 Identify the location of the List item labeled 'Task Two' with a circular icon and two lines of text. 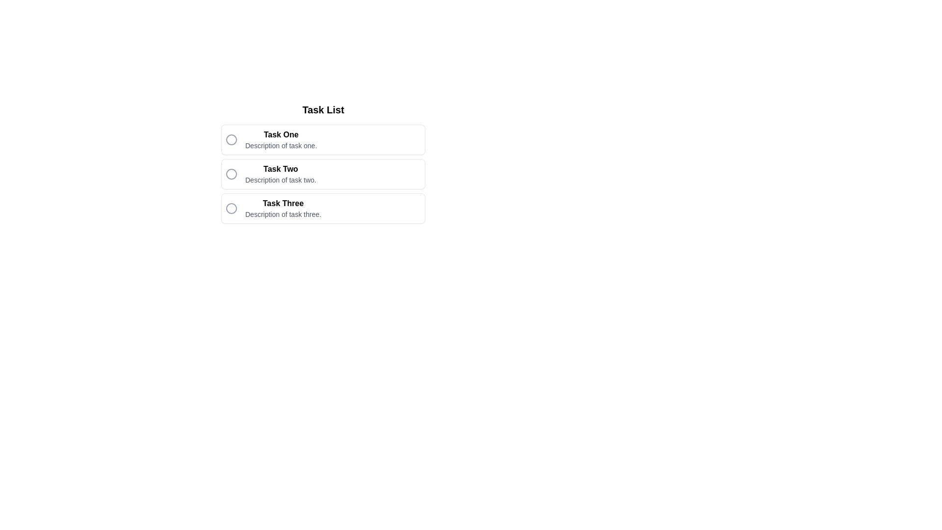
(323, 162).